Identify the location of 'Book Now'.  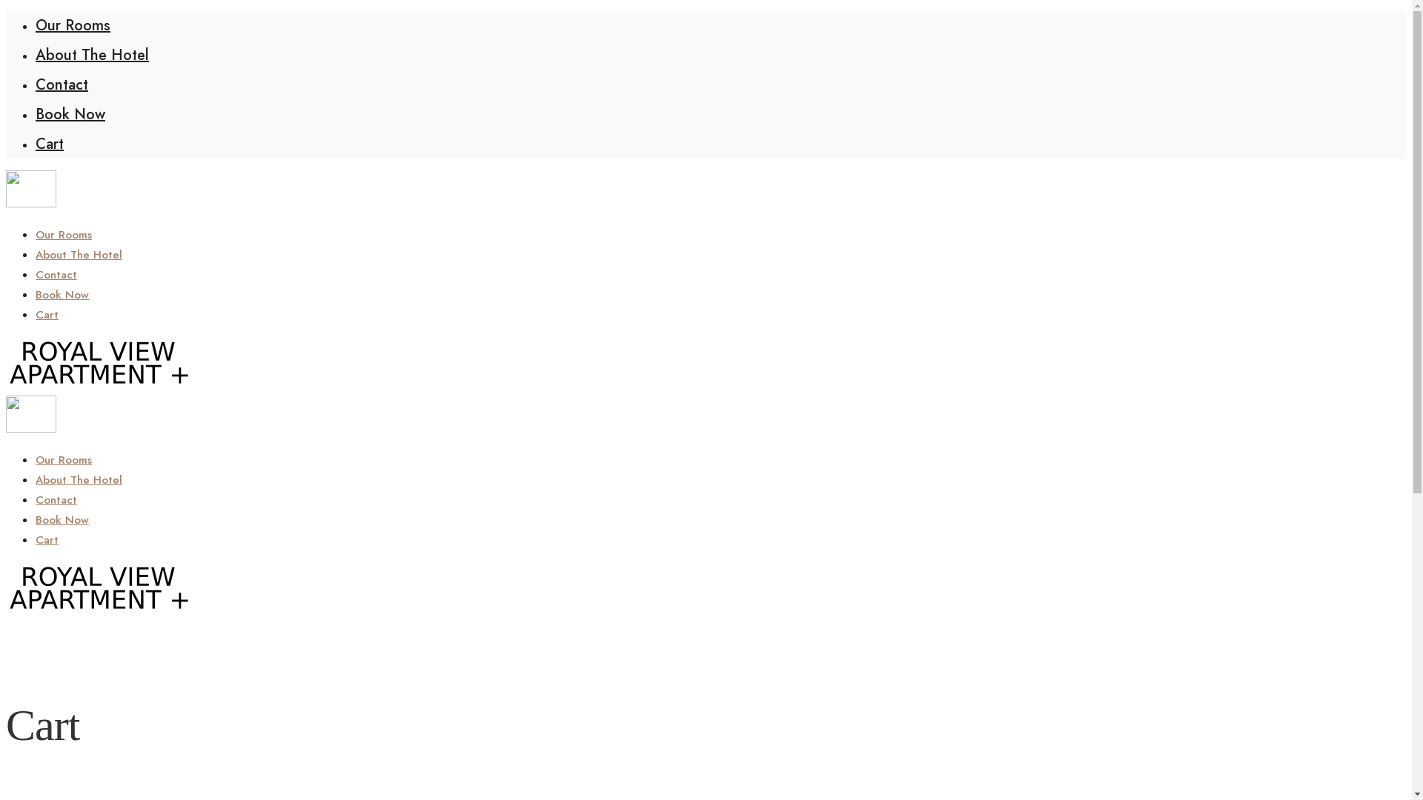
(70, 113).